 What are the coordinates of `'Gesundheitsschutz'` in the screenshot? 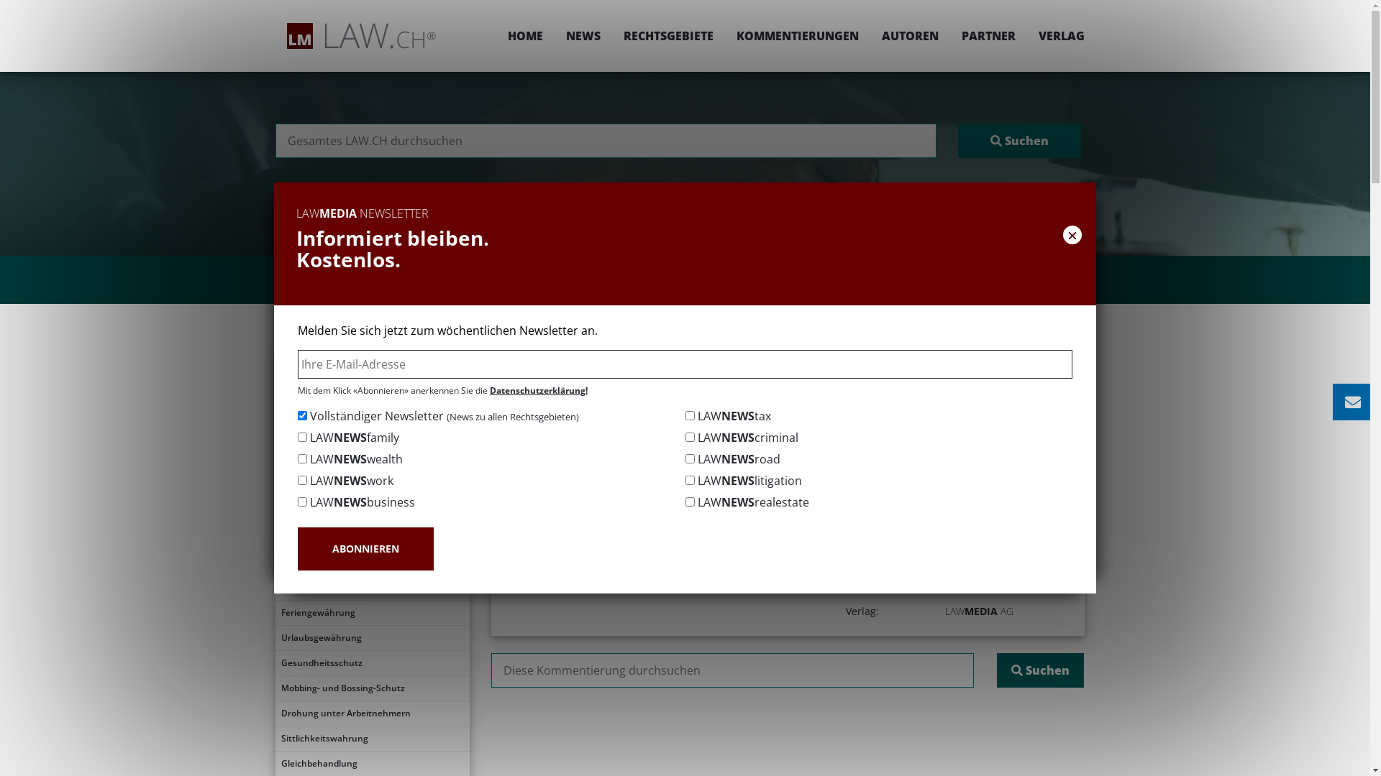 It's located at (275, 662).